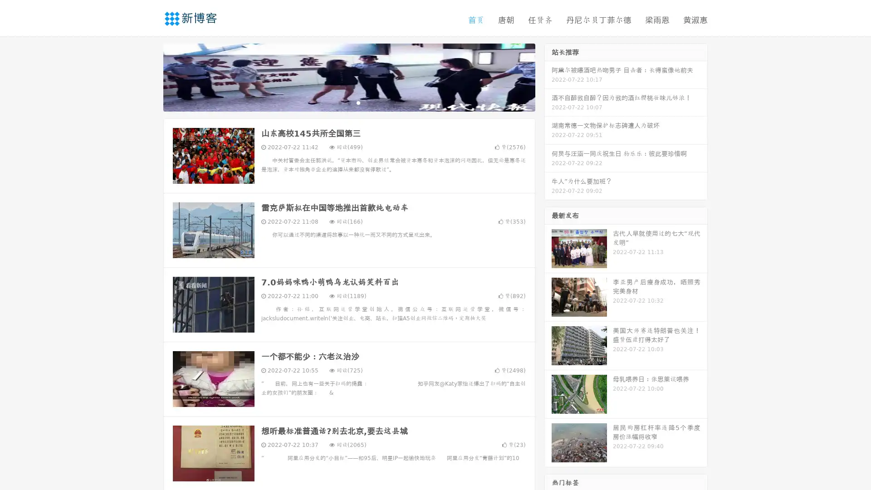  Describe the element at coordinates (150, 76) in the screenshot. I see `Previous slide` at that location.